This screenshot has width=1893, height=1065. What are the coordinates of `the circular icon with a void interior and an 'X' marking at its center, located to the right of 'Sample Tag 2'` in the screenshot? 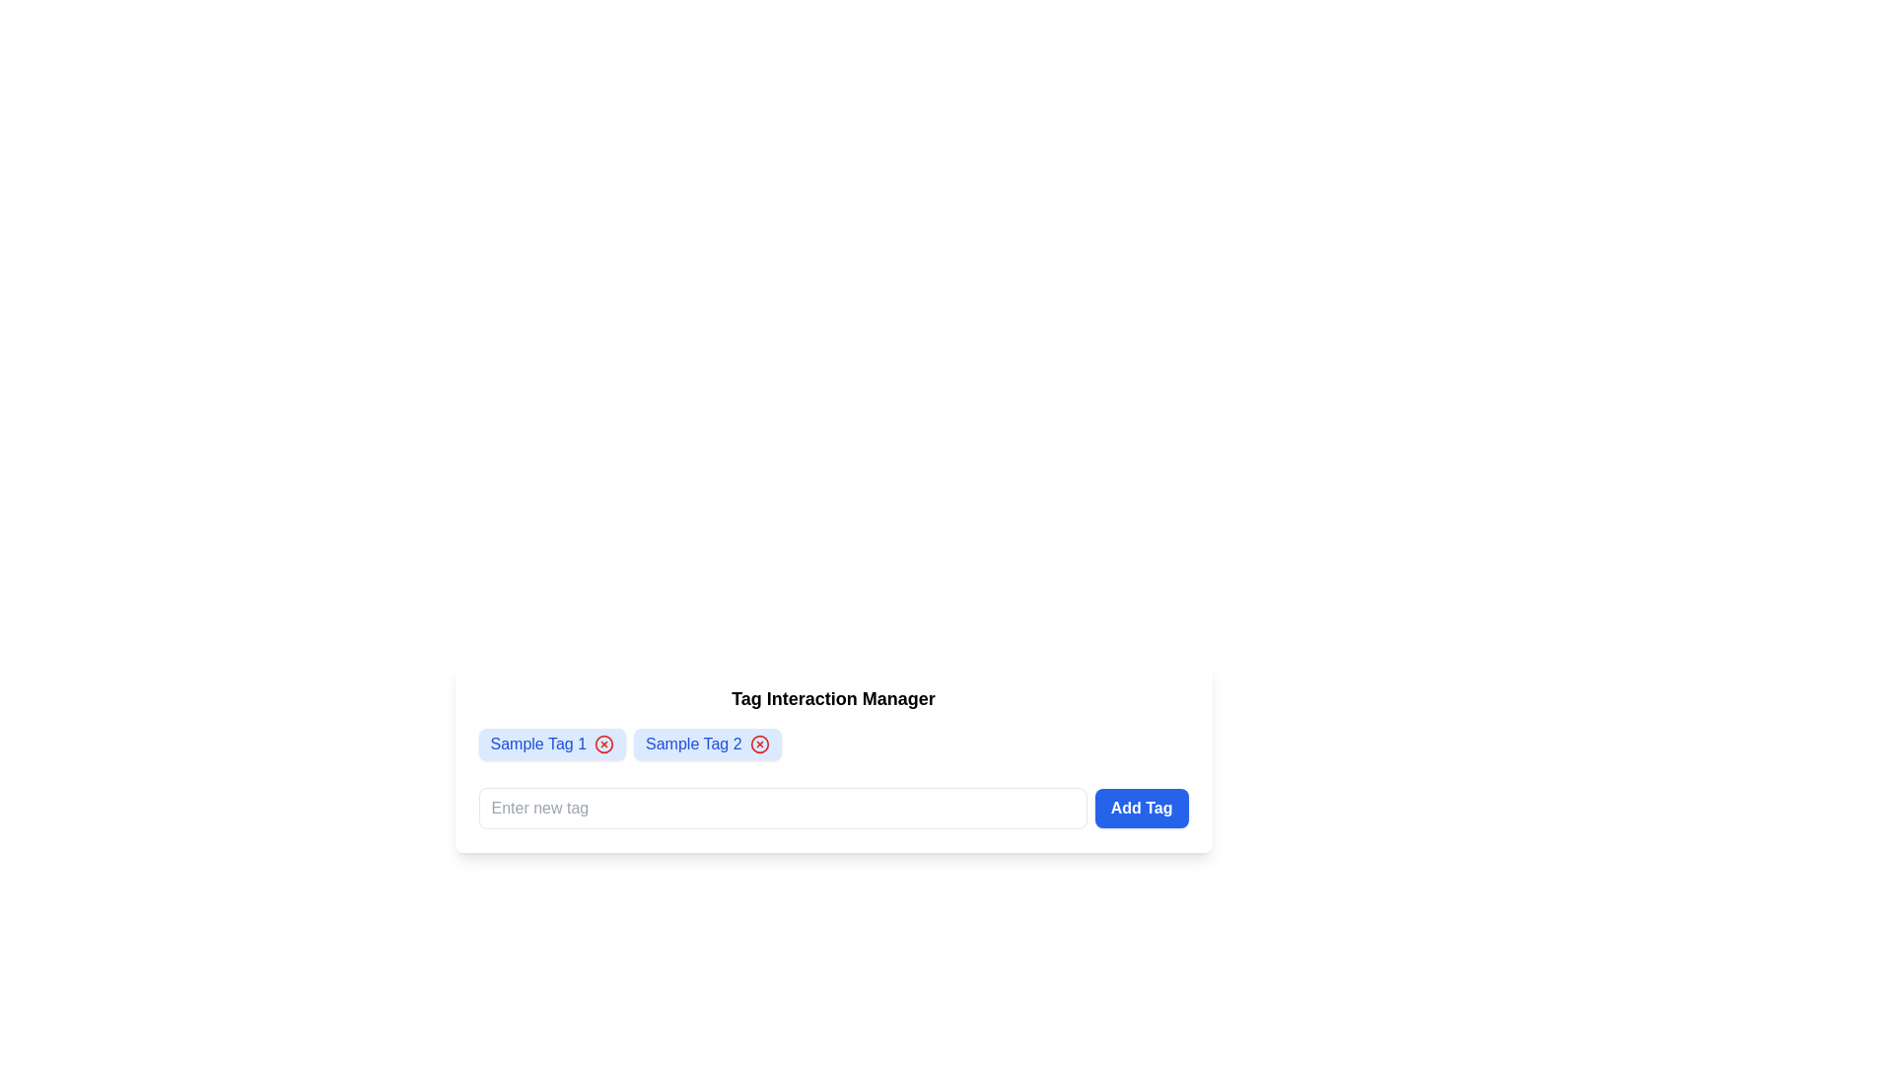 It's located at (758, 745).